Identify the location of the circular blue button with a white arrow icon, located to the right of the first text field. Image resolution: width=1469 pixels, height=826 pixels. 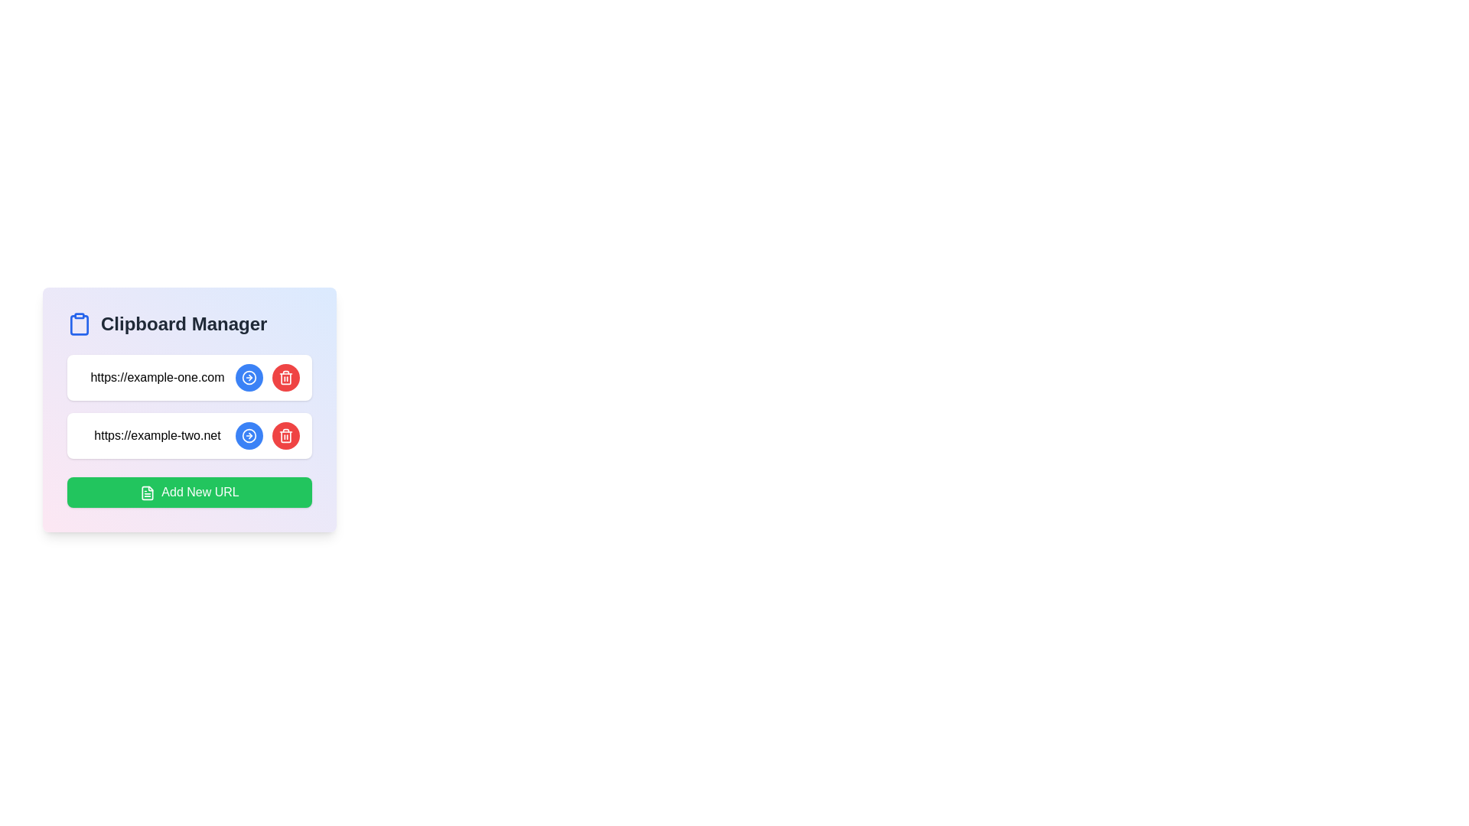
(249, 377).